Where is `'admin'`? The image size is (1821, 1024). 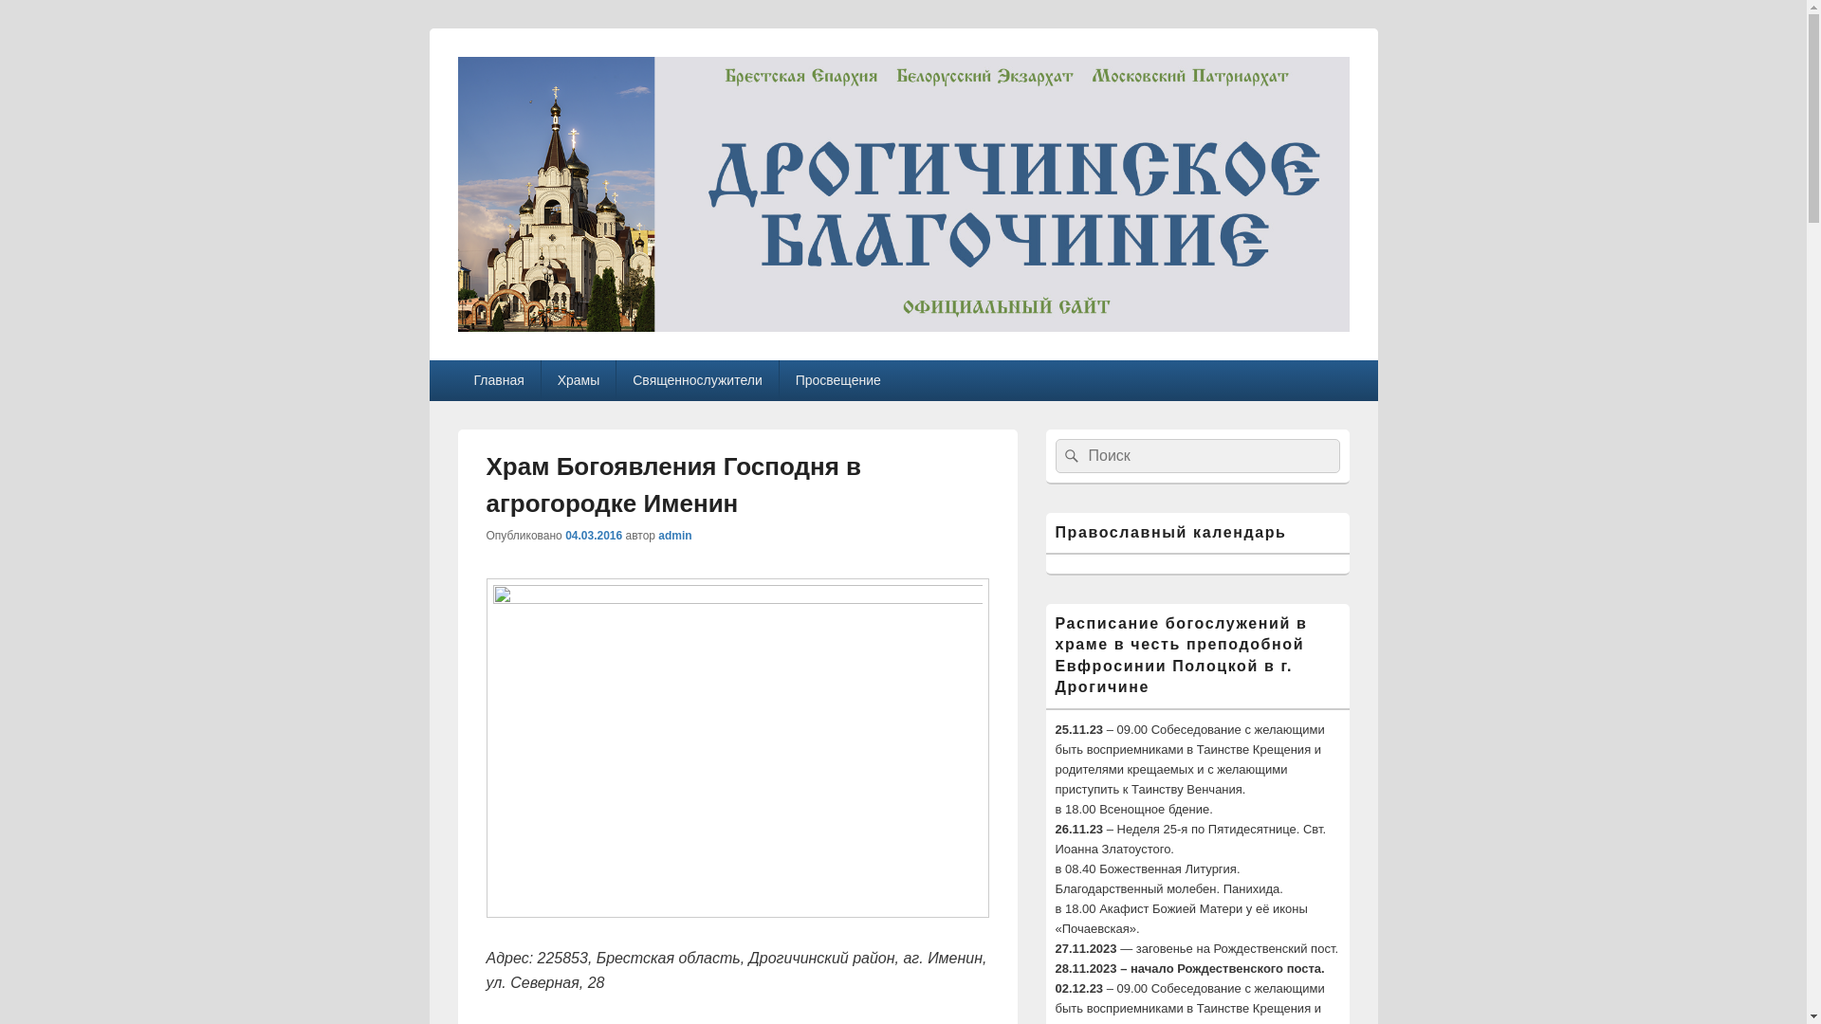
'admin' is located at coordinates (674, 535).